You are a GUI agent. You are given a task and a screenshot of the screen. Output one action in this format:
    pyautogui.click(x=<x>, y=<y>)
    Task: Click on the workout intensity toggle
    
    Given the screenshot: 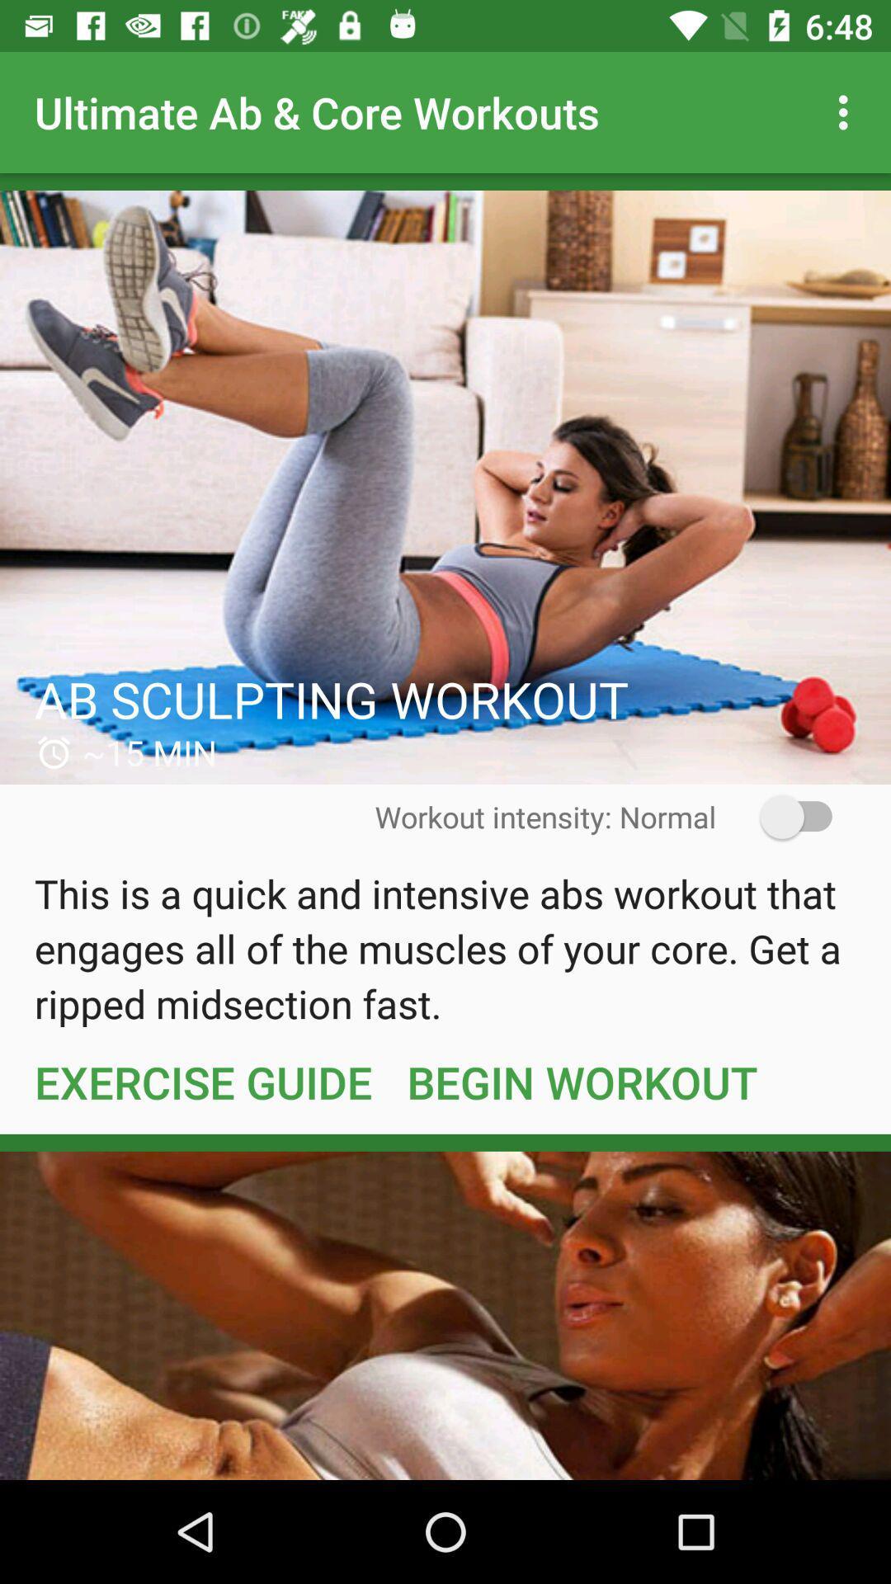 What is the action you would take?
    pyautogui.click(x=785, y=817)
    